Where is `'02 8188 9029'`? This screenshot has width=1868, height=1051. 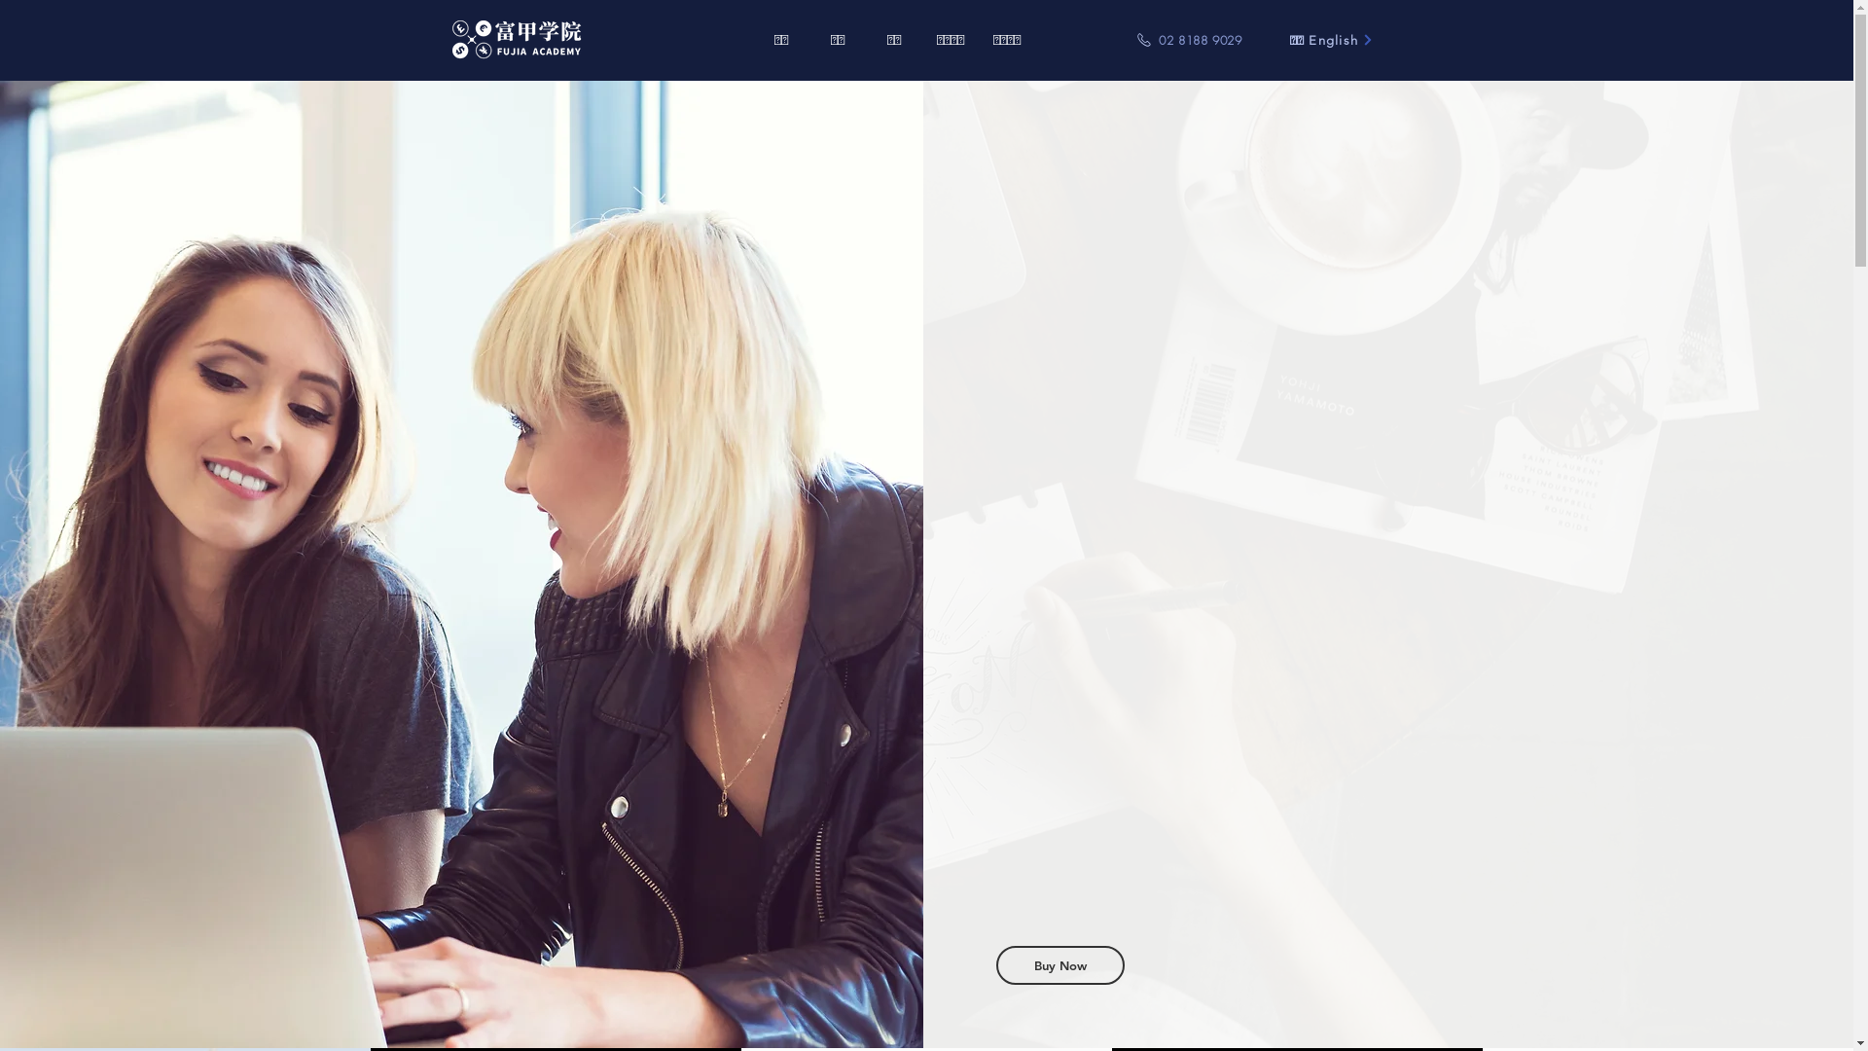
'02 8188 9029' is located at coordinates (1188, 40).